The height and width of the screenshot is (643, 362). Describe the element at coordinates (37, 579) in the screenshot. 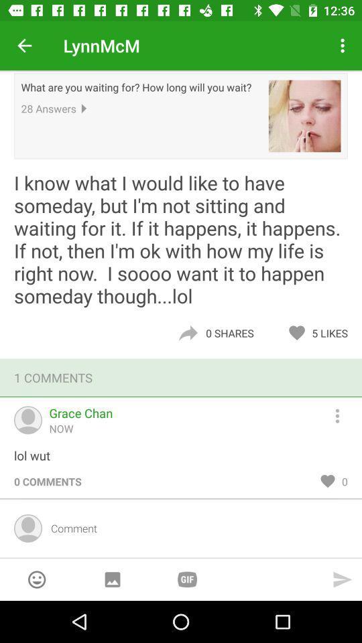

I see `an emoji` at that location.